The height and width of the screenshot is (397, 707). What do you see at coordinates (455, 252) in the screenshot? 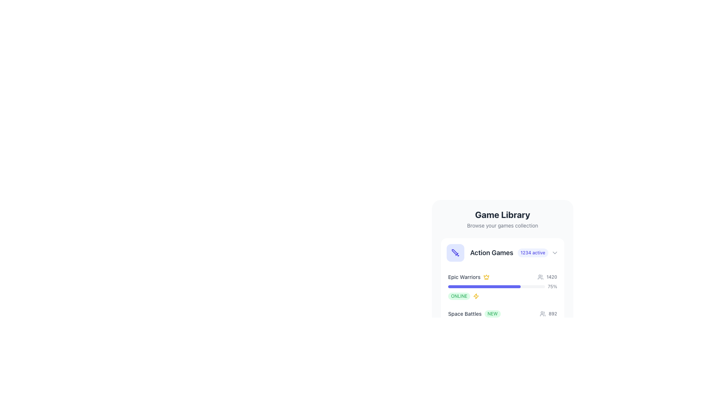
I see `the decorative icon button with a sword icon, located on the left side of the 'Action Games' section, by moving the cursor to its center point` at bounding box center [455, 252].